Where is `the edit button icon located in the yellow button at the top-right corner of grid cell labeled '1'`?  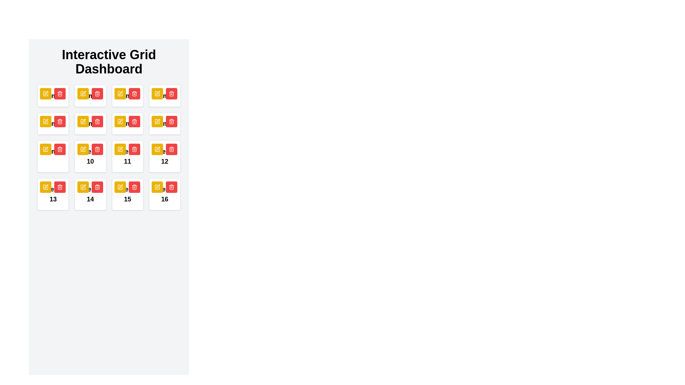
the edit button icon located in the yellow button at the top-right corner of grid cell labeled '1' is located at coordinates (157, 93).